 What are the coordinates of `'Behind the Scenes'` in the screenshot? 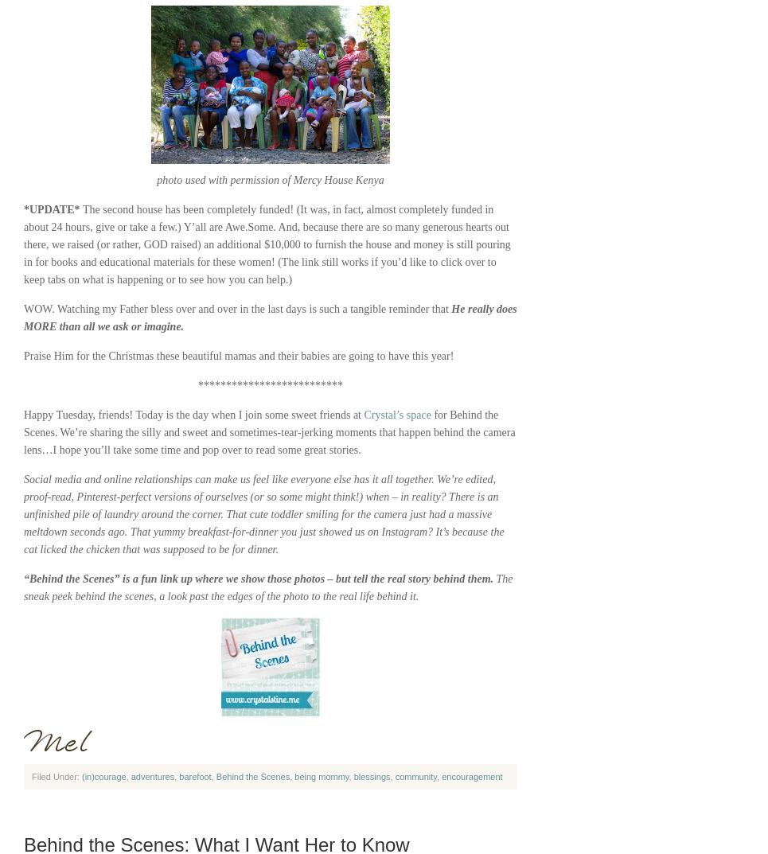 It's located at (251, 776).